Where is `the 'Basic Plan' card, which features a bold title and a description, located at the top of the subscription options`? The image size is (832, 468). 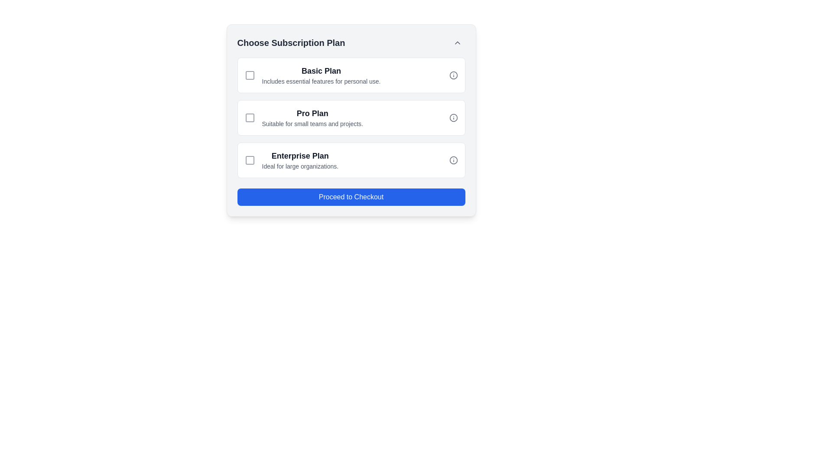
the 'Basic Plan' card, which features a bold title and a description, located at the top of the subscription options is located at coordinates (351, 75).